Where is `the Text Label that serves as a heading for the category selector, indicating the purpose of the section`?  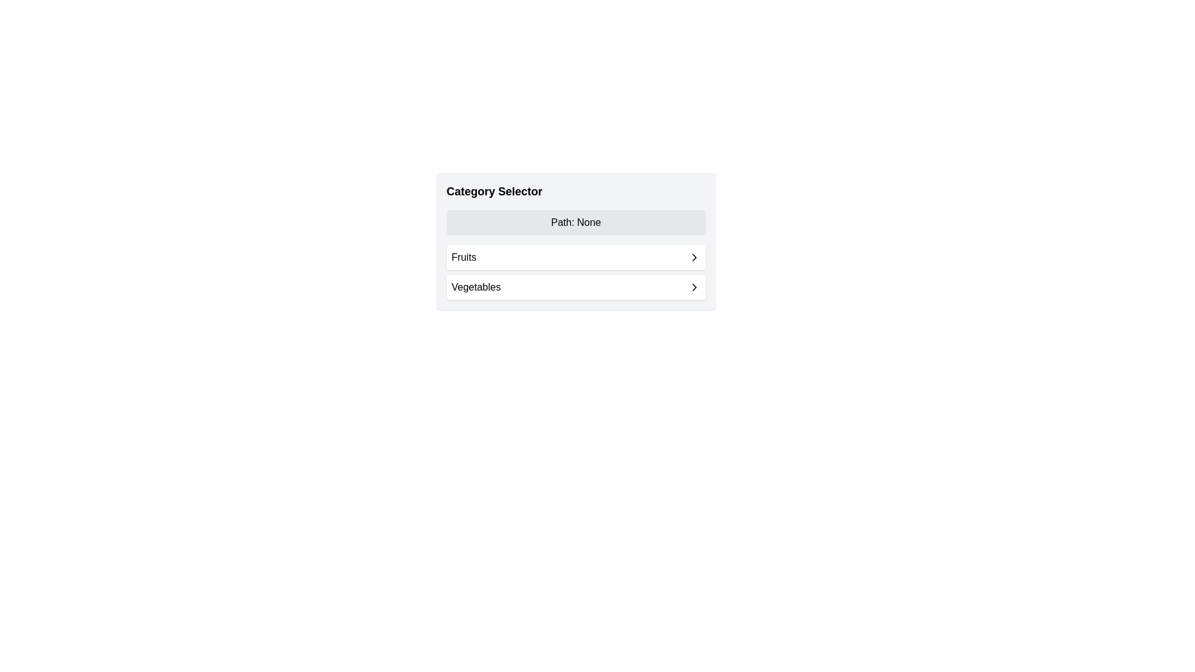 the Text Label that serves as a heading for the category selector, indicating the purpose of the section is located at coordinates (494, 192).